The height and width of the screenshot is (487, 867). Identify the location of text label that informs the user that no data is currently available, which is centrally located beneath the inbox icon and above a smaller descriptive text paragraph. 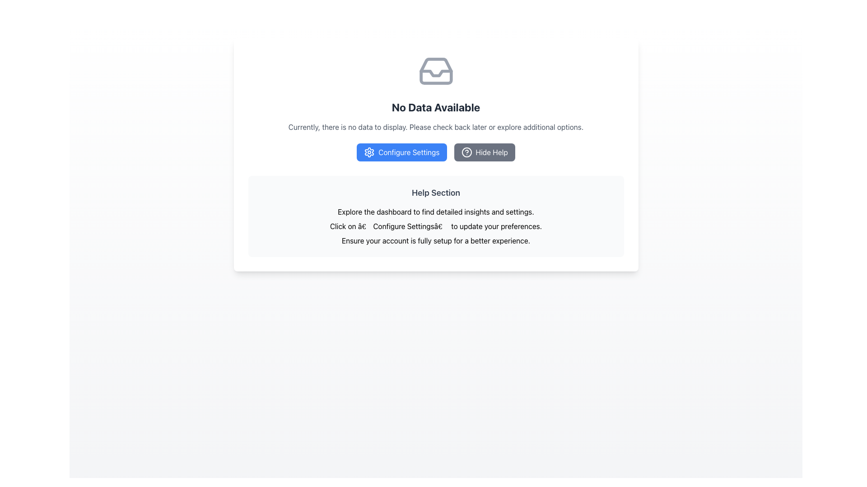
(436, 107).